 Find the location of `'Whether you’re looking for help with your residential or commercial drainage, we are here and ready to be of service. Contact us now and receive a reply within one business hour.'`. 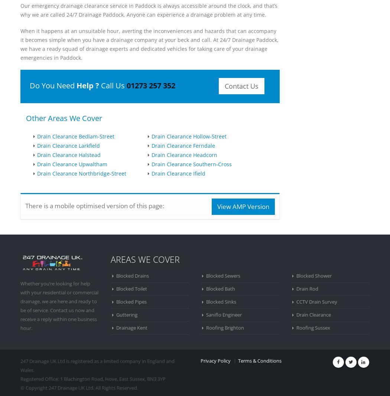

'Whether you’re looking for help with your residential or commercial drainage, we are here and ready to be of service. Contact us now and receive a reply within one business hour.' is located at coordinates (59, 305).